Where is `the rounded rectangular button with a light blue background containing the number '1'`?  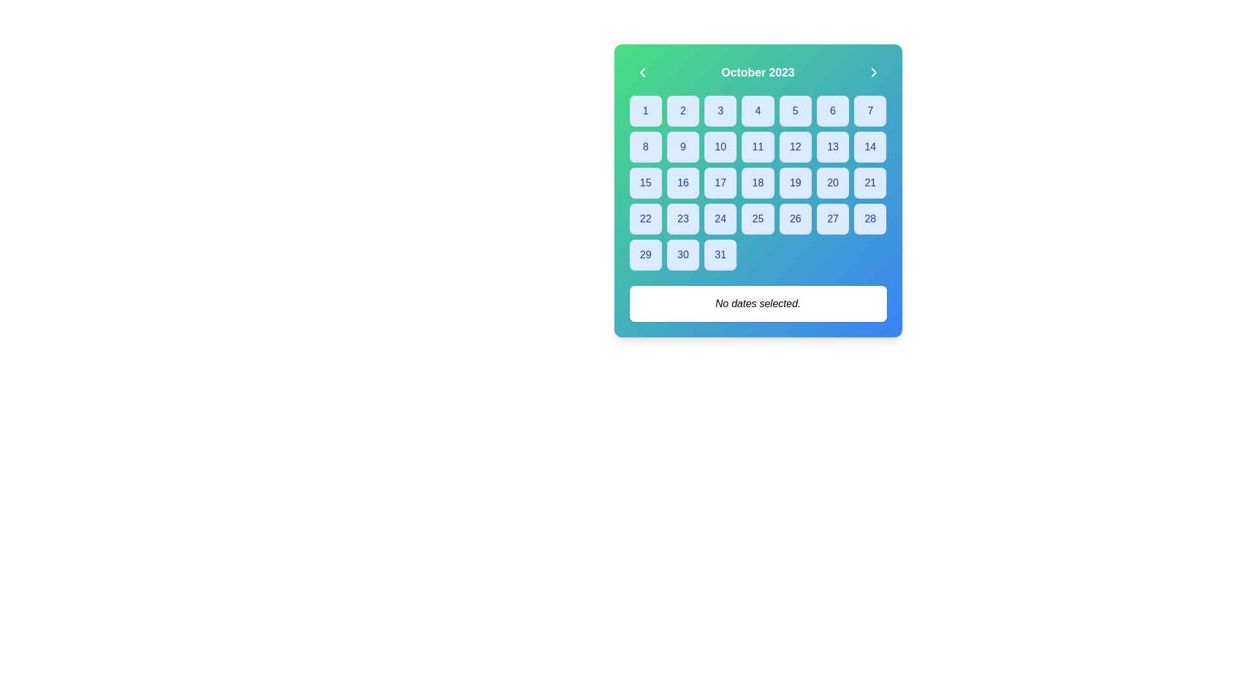 the rounded rectangular button with a light blue background containing the number '1' is located at coordinates (645, 111).